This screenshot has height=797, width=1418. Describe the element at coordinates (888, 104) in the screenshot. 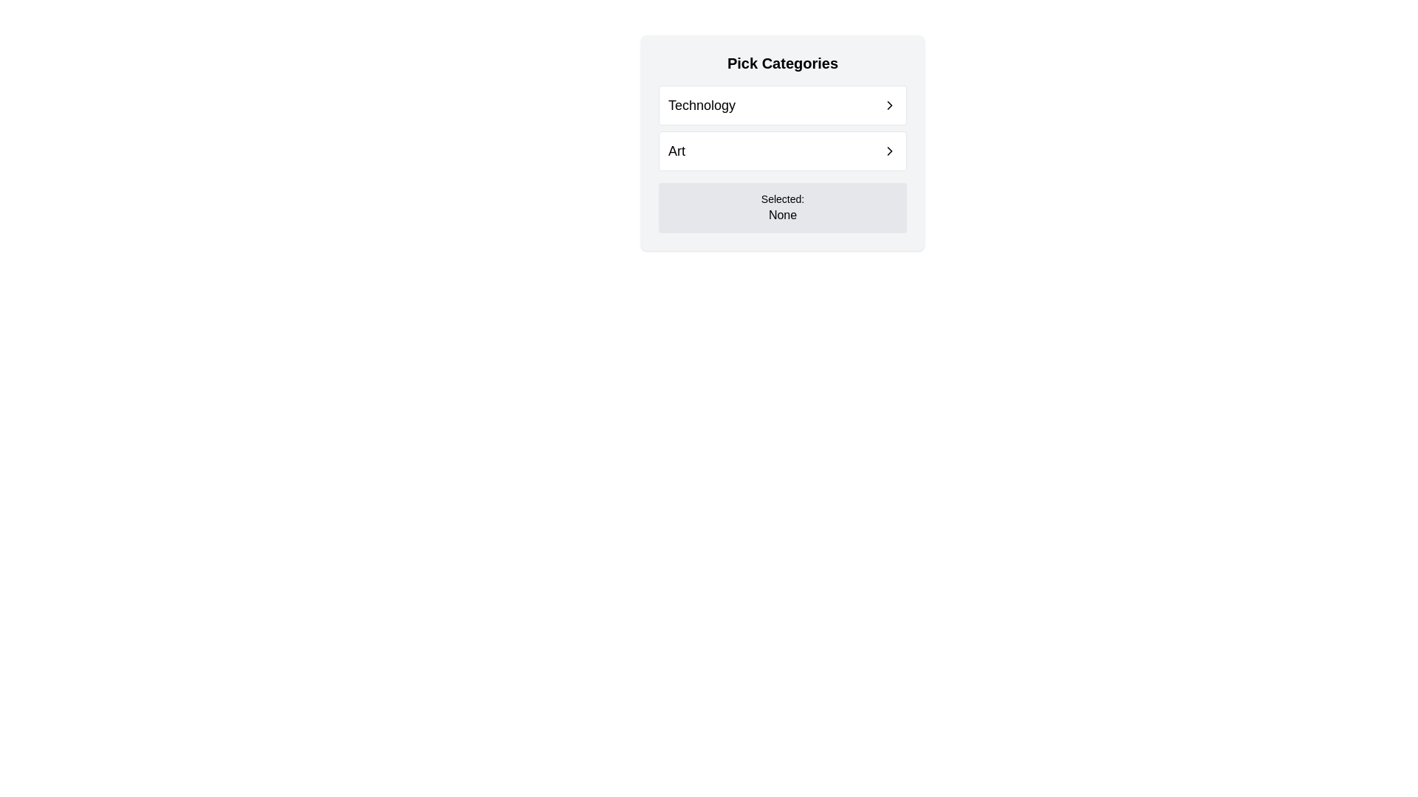

I see `the chevron icon located to the far right of the 'Technology' row in the 'Pick Categories' interface panel` at that location.